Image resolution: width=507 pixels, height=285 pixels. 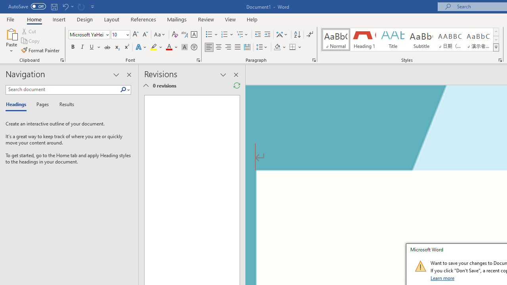 What do you see at coordinates (410, 40) in the screenshot?
I see `'AutomationID: QuickStylesGallery'` at bounding box center [410, 40].